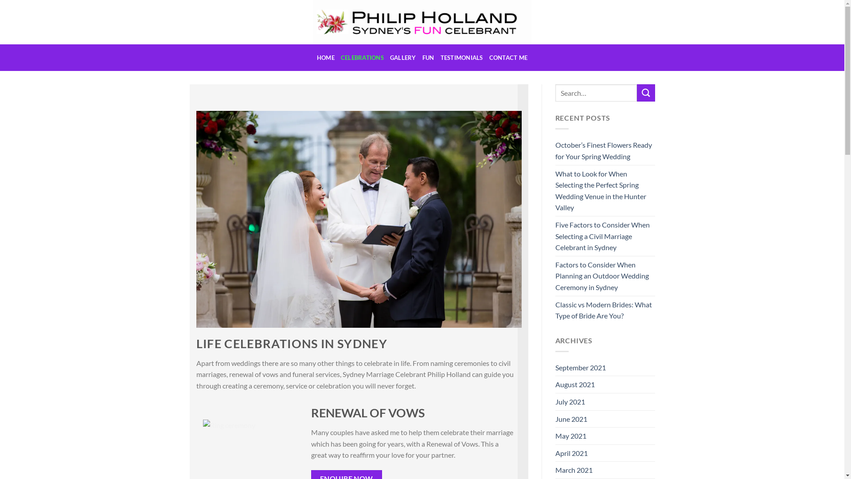 This screenshot has width=851, height=479. What do you see at coordinates (571, 453) in the screenshot?
I see `'April 2021'` at bounding box center [571, 453].